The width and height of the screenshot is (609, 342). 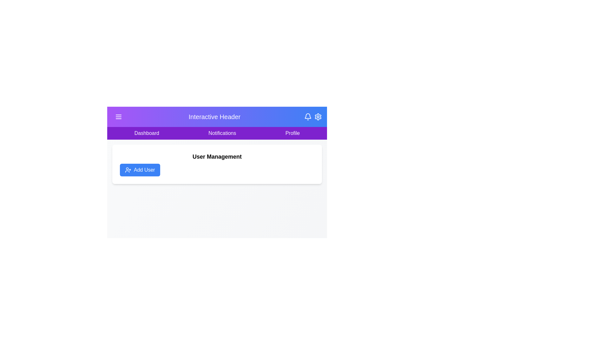 I want to click on the 'User Management' section text, so click(x=217, y=156).